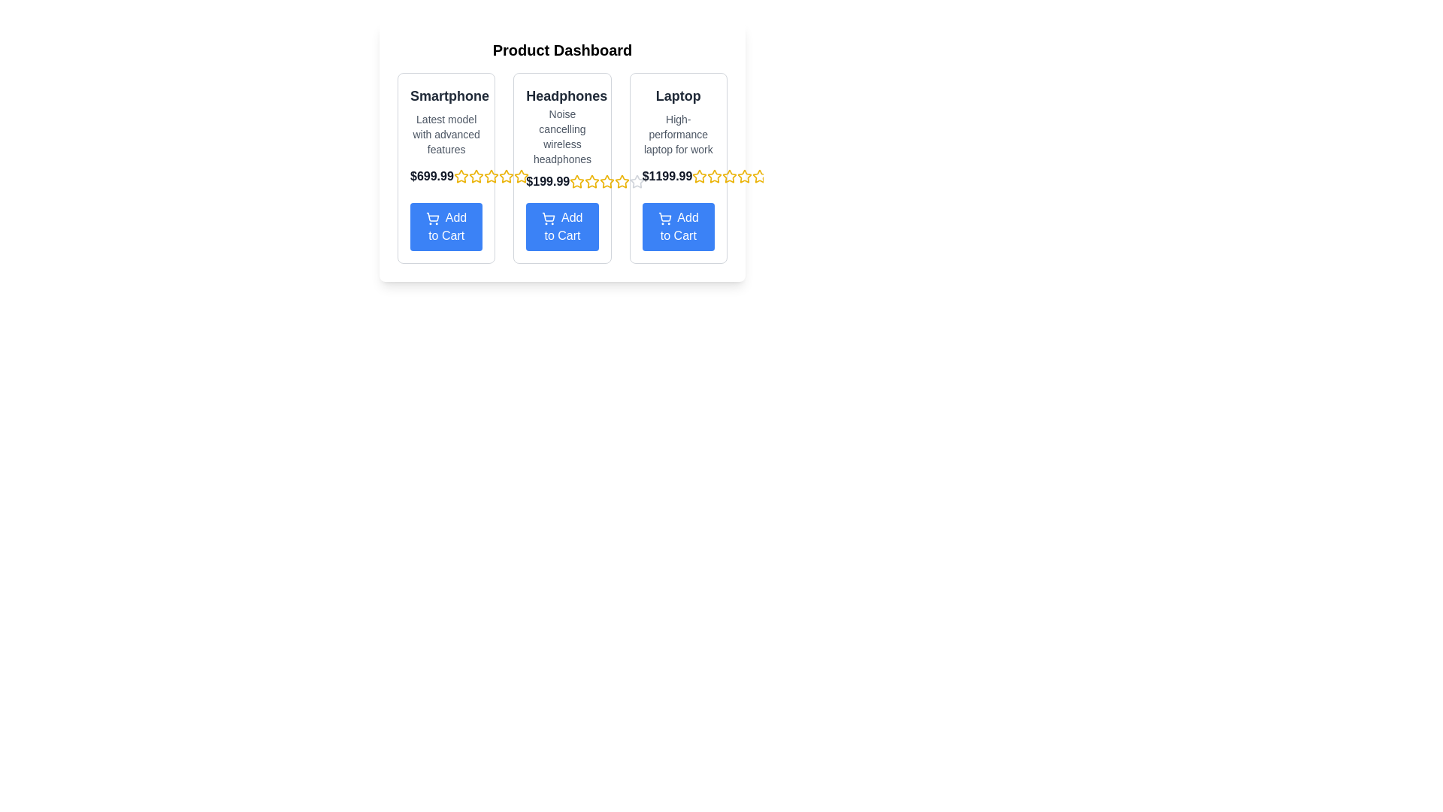 The image size is (1443, 812). I want to click on the second star-shaped rating icon with a yellow outline located under the price text '$699.99' for the 'Smartphone' product section, so click(460, 176).